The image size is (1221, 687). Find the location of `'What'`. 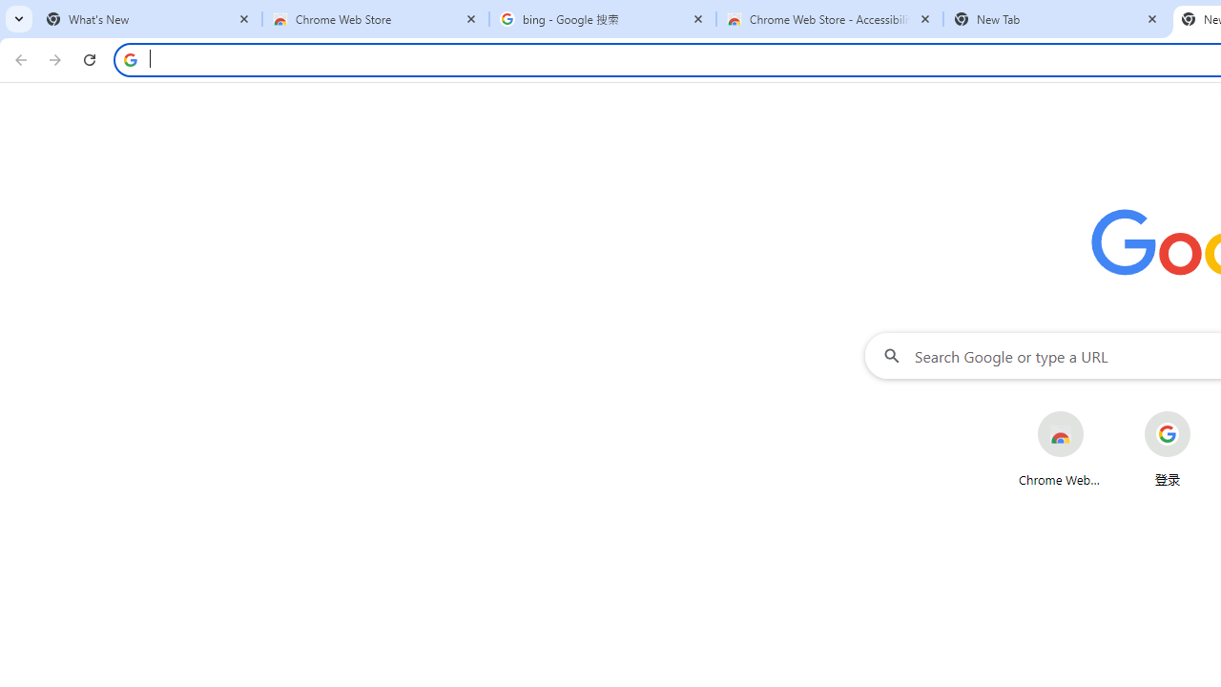

'What' is located at coordinates (148, 19).